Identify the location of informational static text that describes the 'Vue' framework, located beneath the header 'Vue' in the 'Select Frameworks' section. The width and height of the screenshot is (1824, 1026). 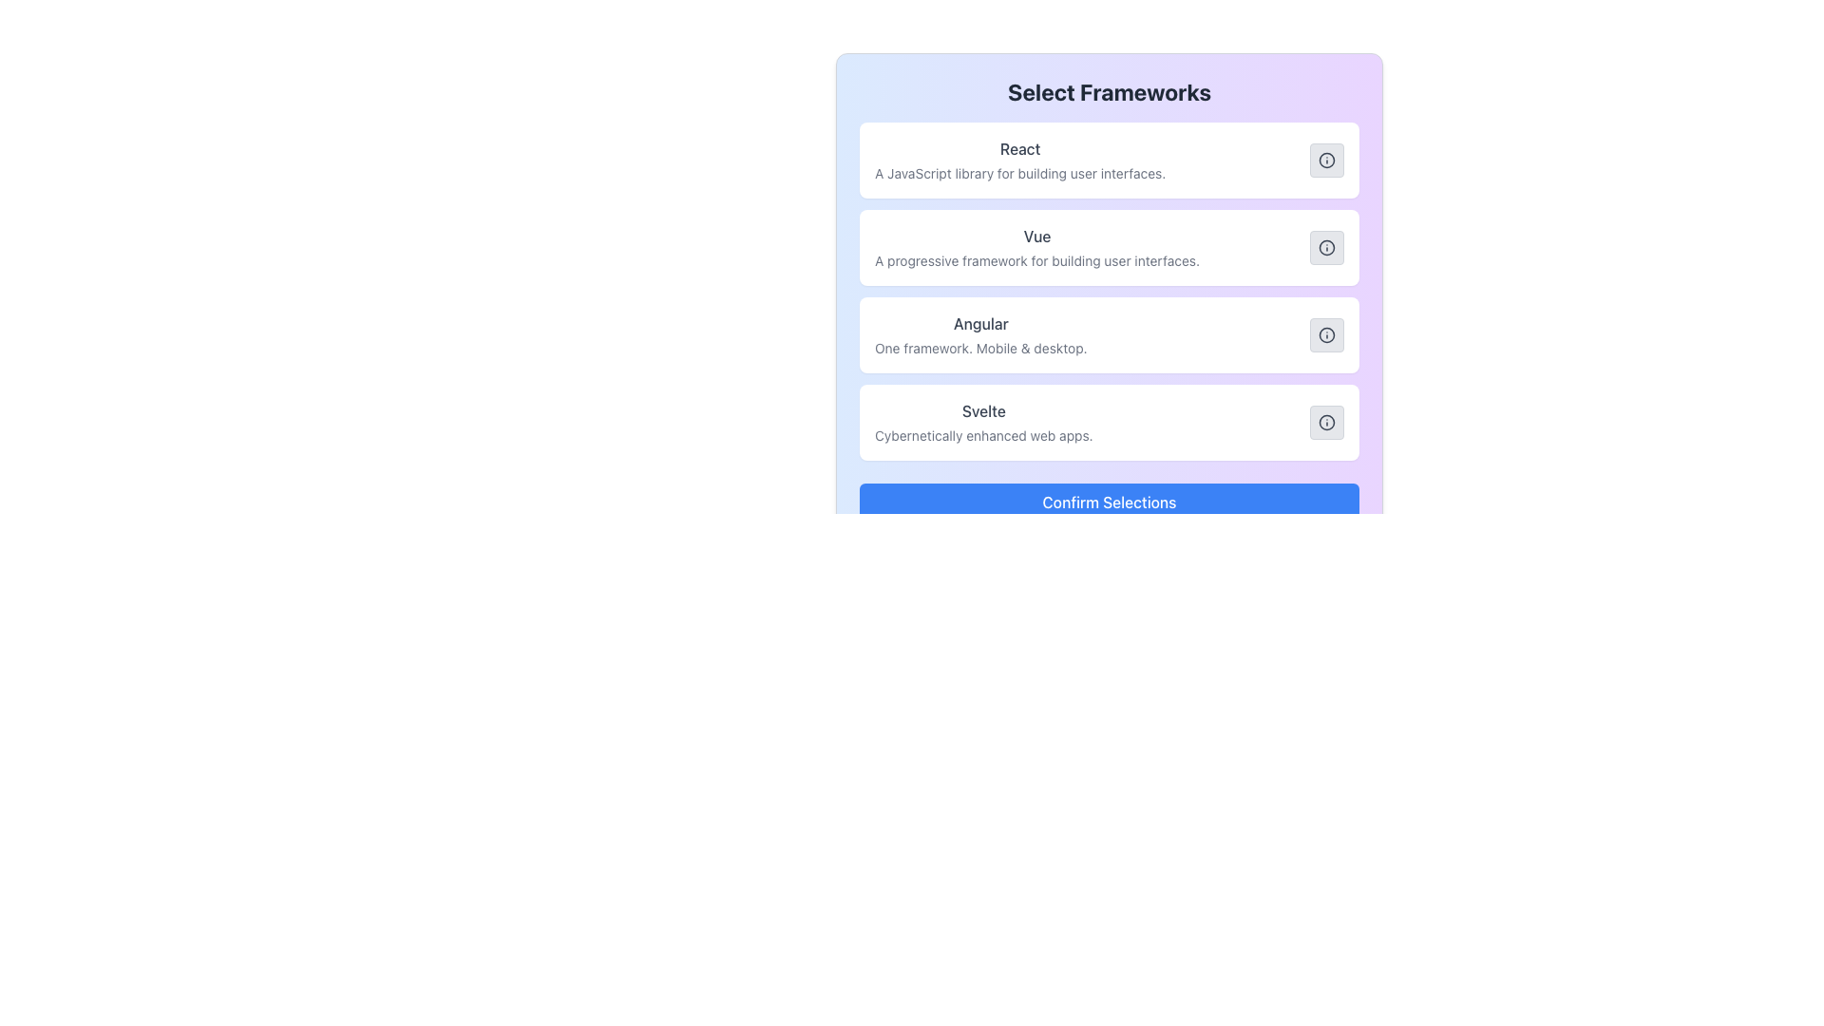
(1036, 260).